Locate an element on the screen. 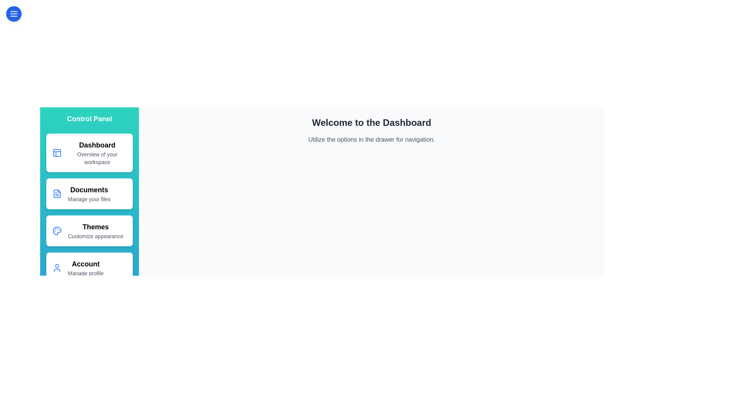 The image size is (741, 417). the menu button to toggle the drawer visibility is located at coordinates (14, 14).